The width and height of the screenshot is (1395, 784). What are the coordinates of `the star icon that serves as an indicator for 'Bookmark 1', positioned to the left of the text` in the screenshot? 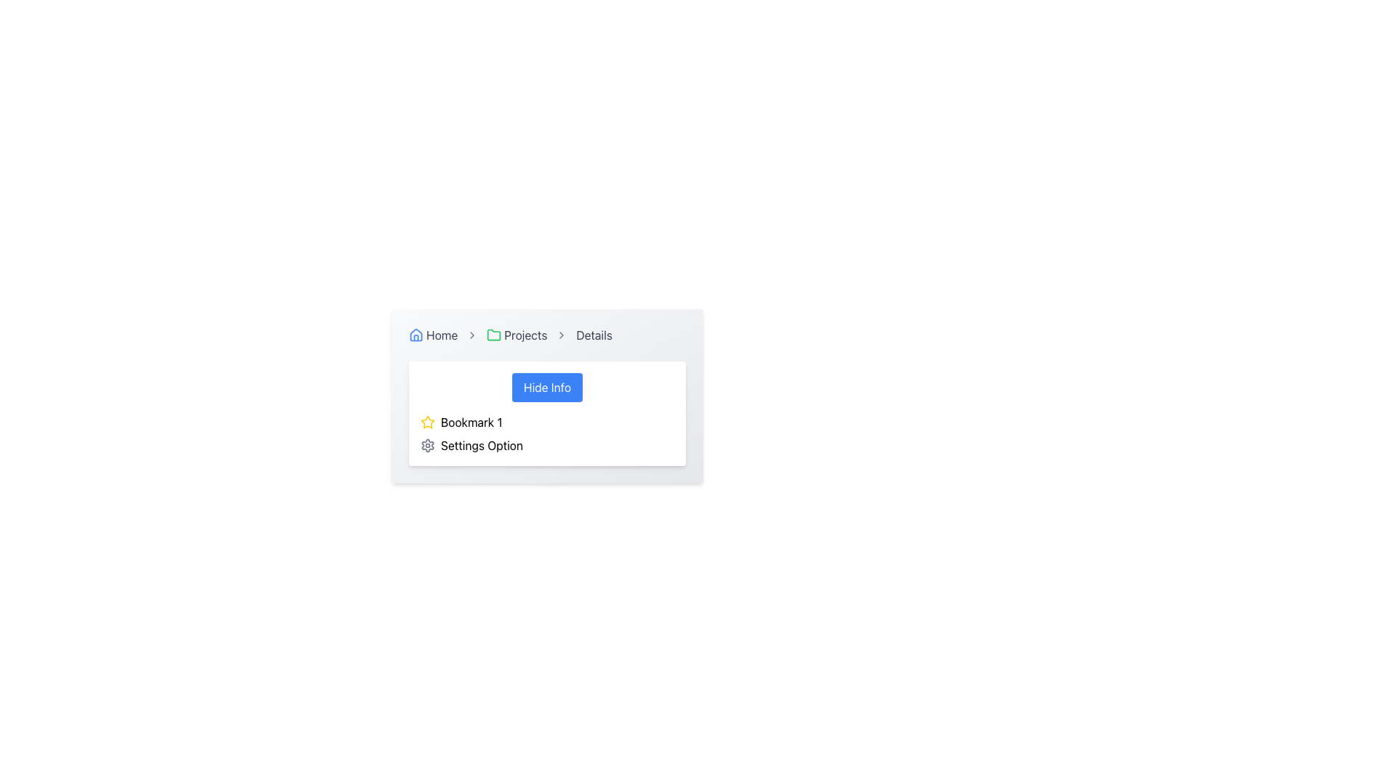 It's located at (427, 422).